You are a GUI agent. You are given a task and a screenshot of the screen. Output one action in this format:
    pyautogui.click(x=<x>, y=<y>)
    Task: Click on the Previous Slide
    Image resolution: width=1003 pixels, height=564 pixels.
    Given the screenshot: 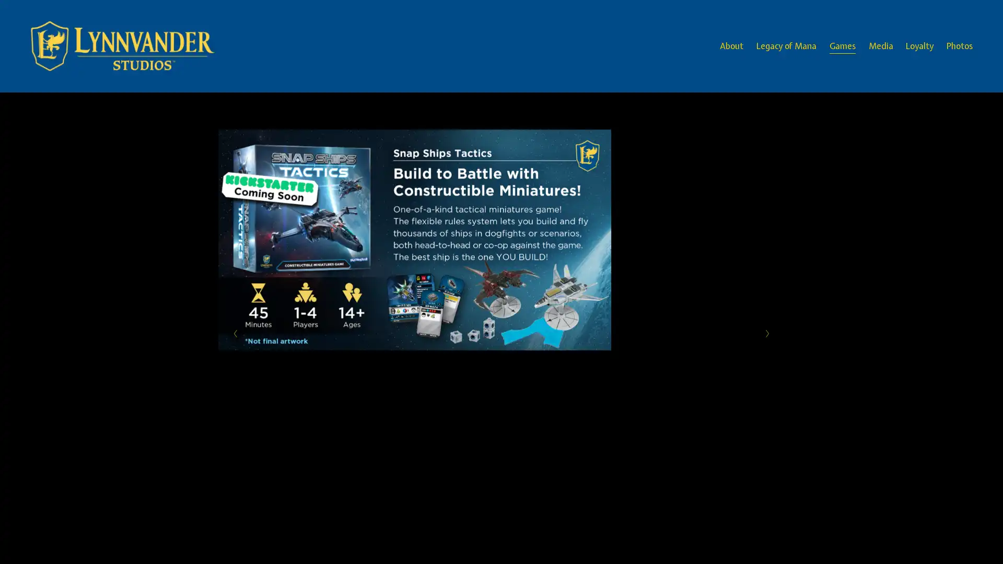 What is the action you would take?
    pyautogui.click(x=235, y=334)
    